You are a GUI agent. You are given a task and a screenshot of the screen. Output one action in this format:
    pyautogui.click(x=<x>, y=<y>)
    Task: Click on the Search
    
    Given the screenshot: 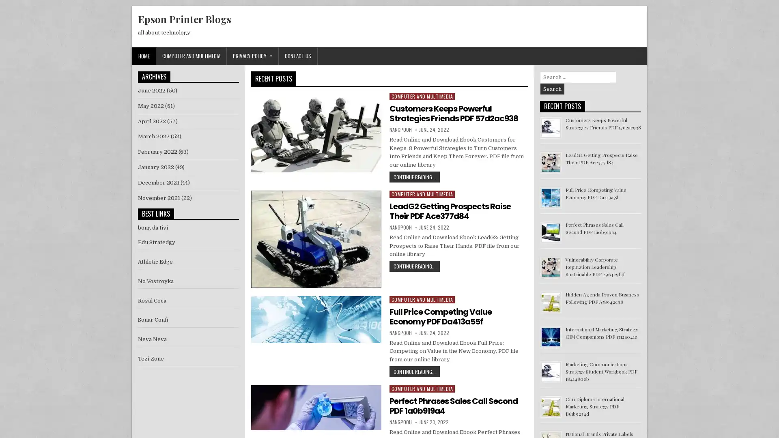 What is the action you would take?
    pyautogui.click(x=552, y=89)
    